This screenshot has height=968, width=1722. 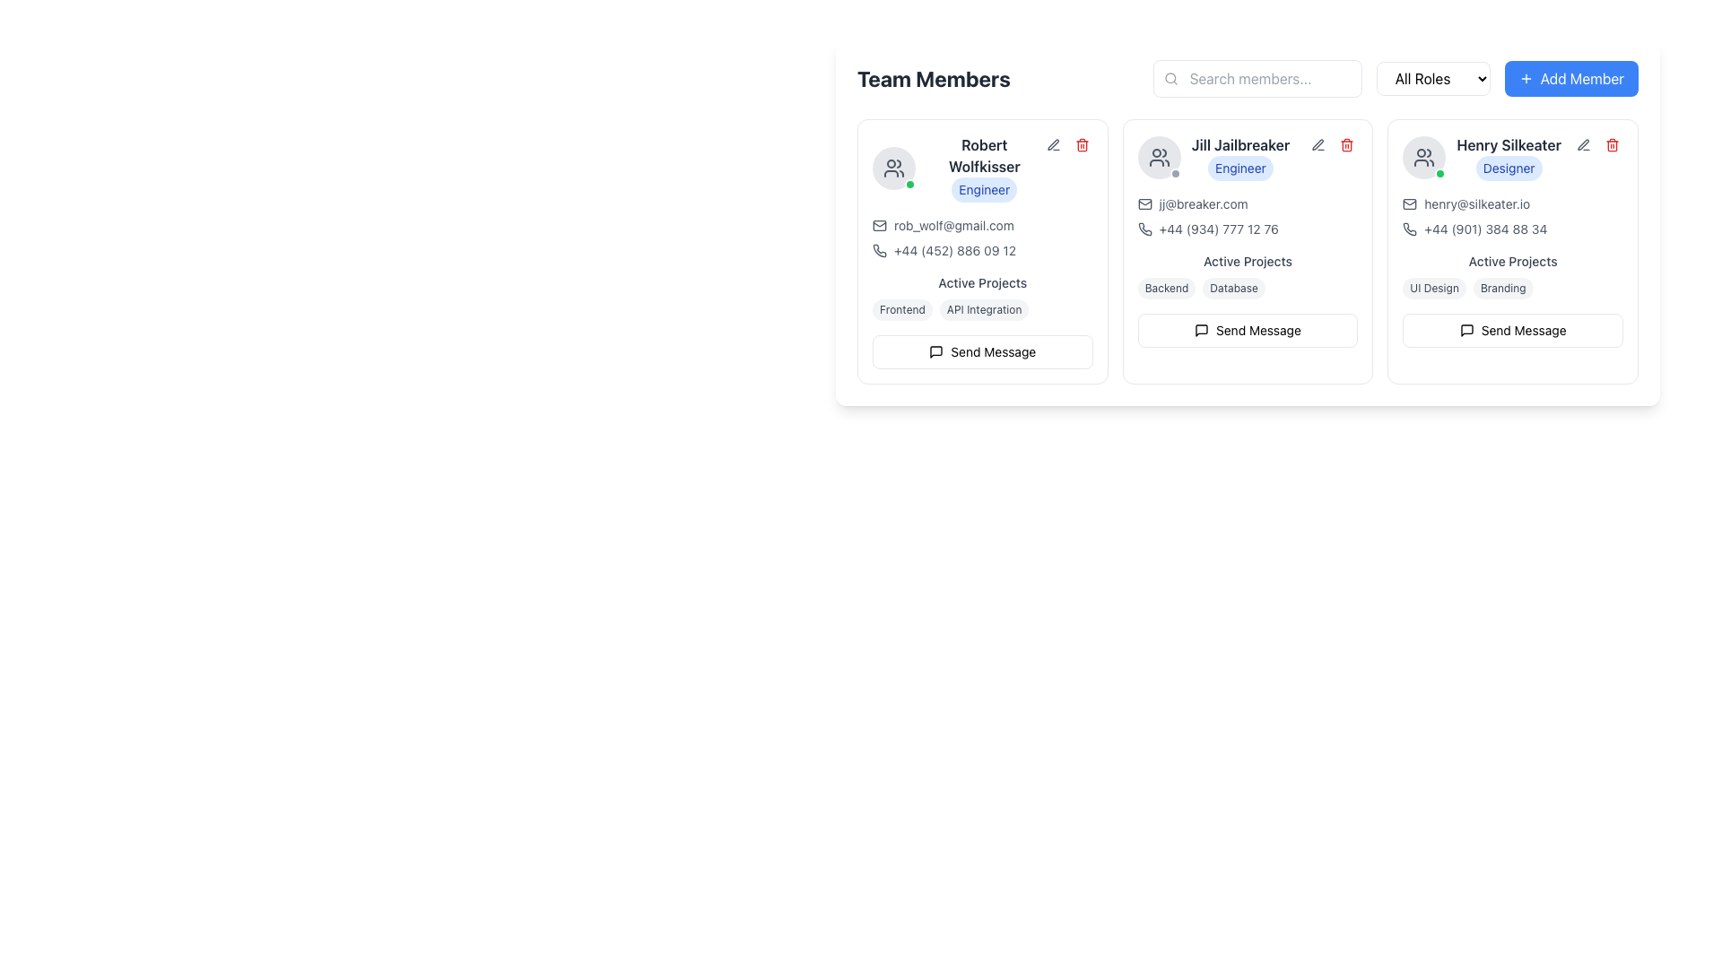 What do you see at coordinates (1213, 157) in the screenshot?
I see `the Text block displaying the name and role of the individual in the second column of the team member profile layout for potential tooltips` at bounding box center [1213, 157].